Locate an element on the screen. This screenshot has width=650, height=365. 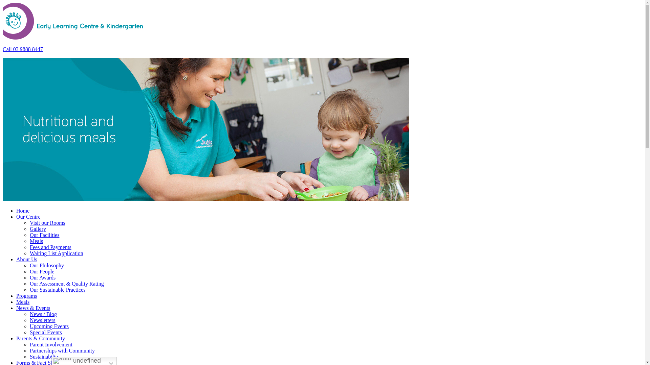
'News & Events' is located at coordinates (16, 308).